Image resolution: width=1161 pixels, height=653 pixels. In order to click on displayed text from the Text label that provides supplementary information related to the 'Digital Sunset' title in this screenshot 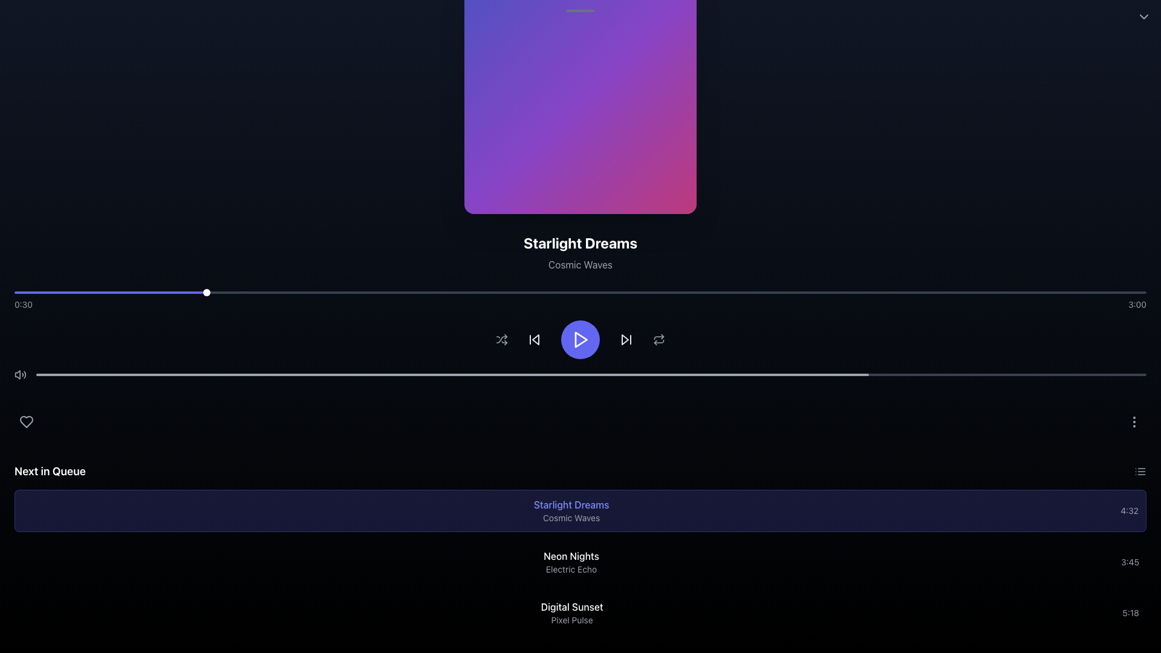, I will do `click(571, 620)`.